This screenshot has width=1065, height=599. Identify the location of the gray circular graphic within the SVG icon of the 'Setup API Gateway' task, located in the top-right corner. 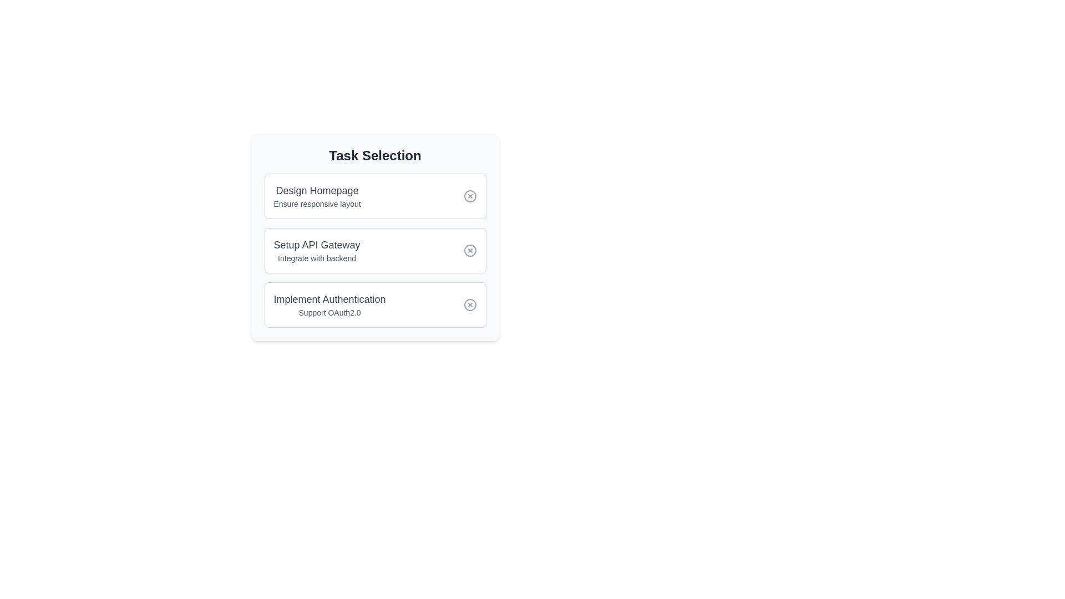
(470, 250).